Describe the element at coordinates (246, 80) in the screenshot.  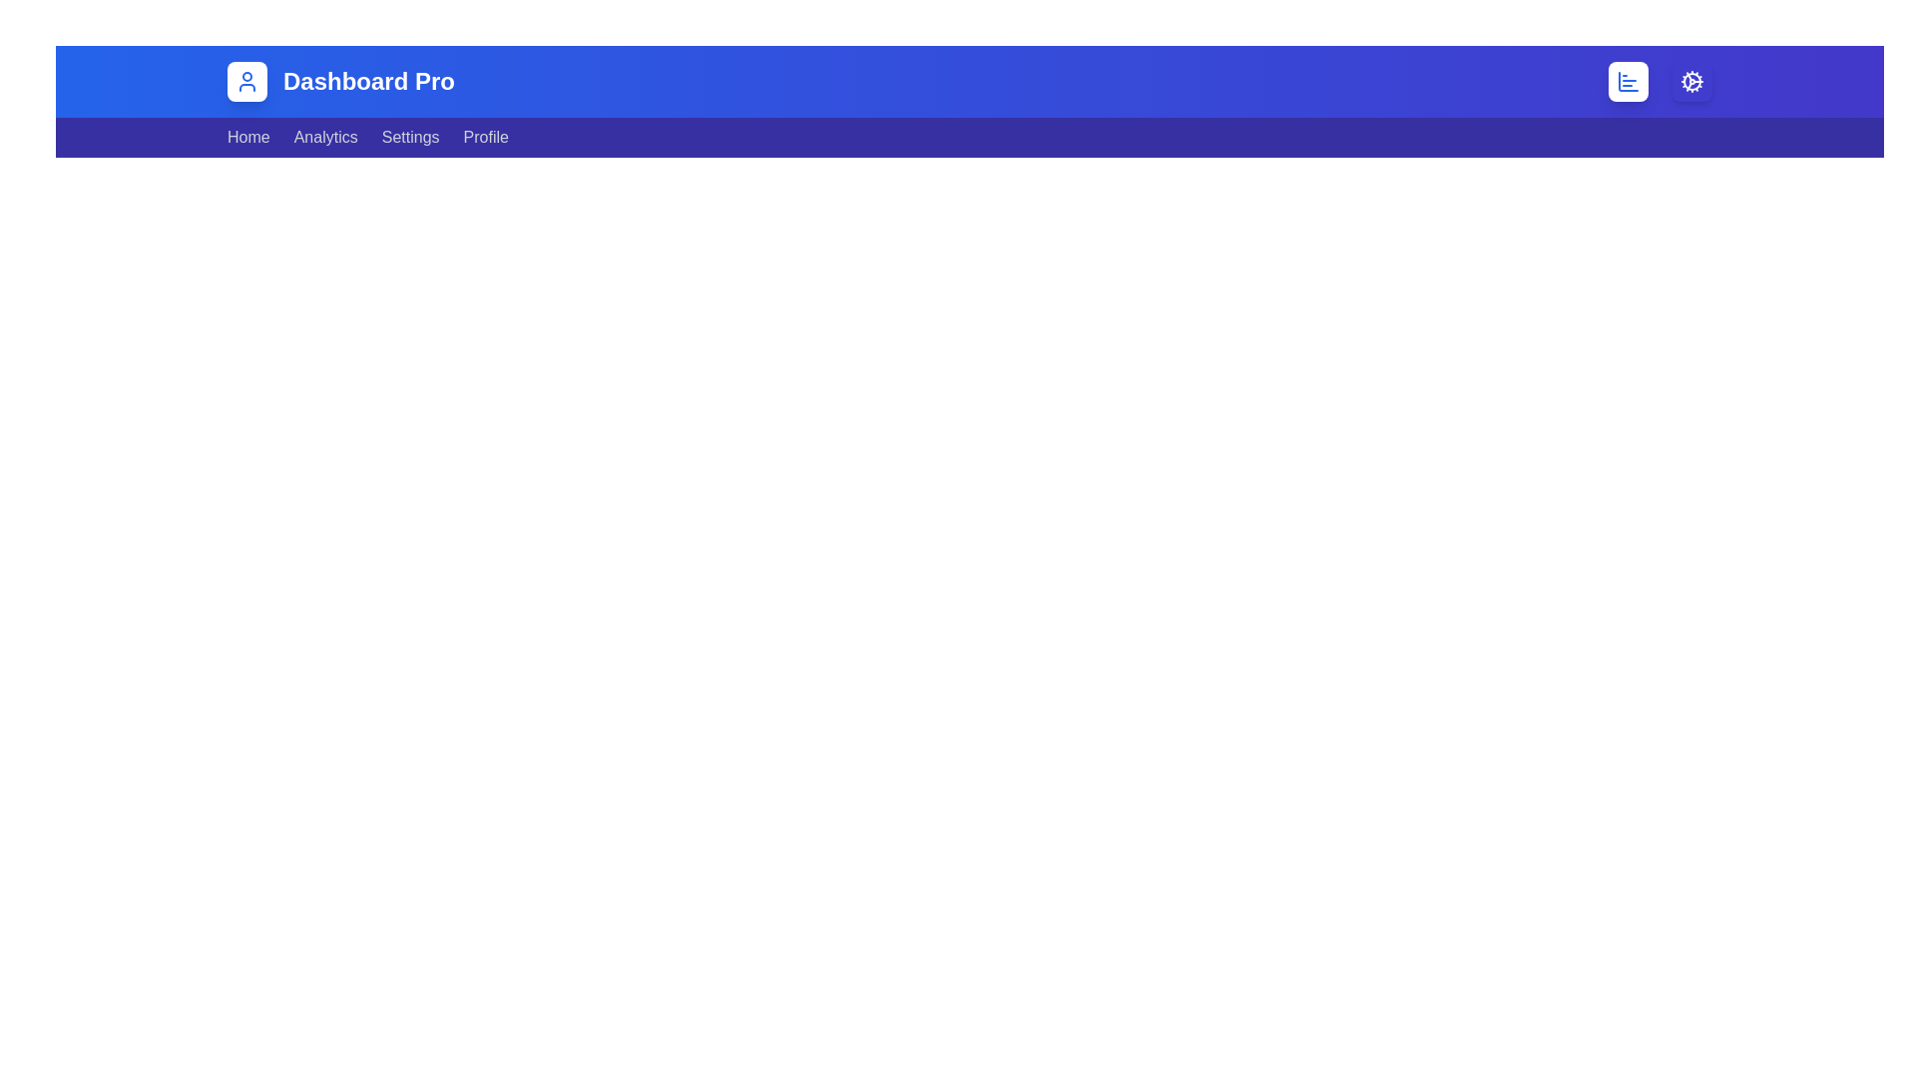
I see `the user avatar icon to interact with it` at that location.